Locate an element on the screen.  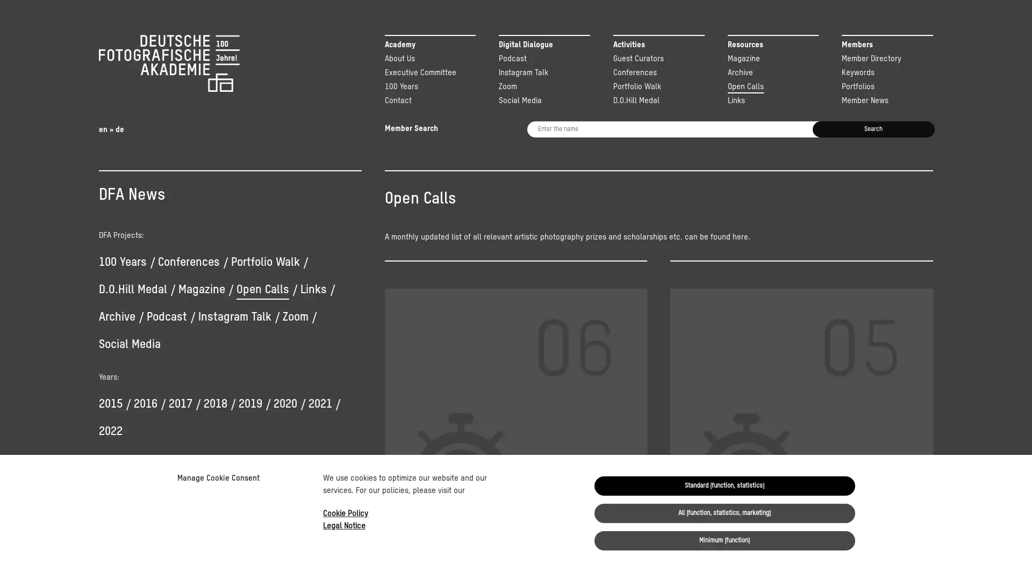
No is located at coordinates (131, 491).